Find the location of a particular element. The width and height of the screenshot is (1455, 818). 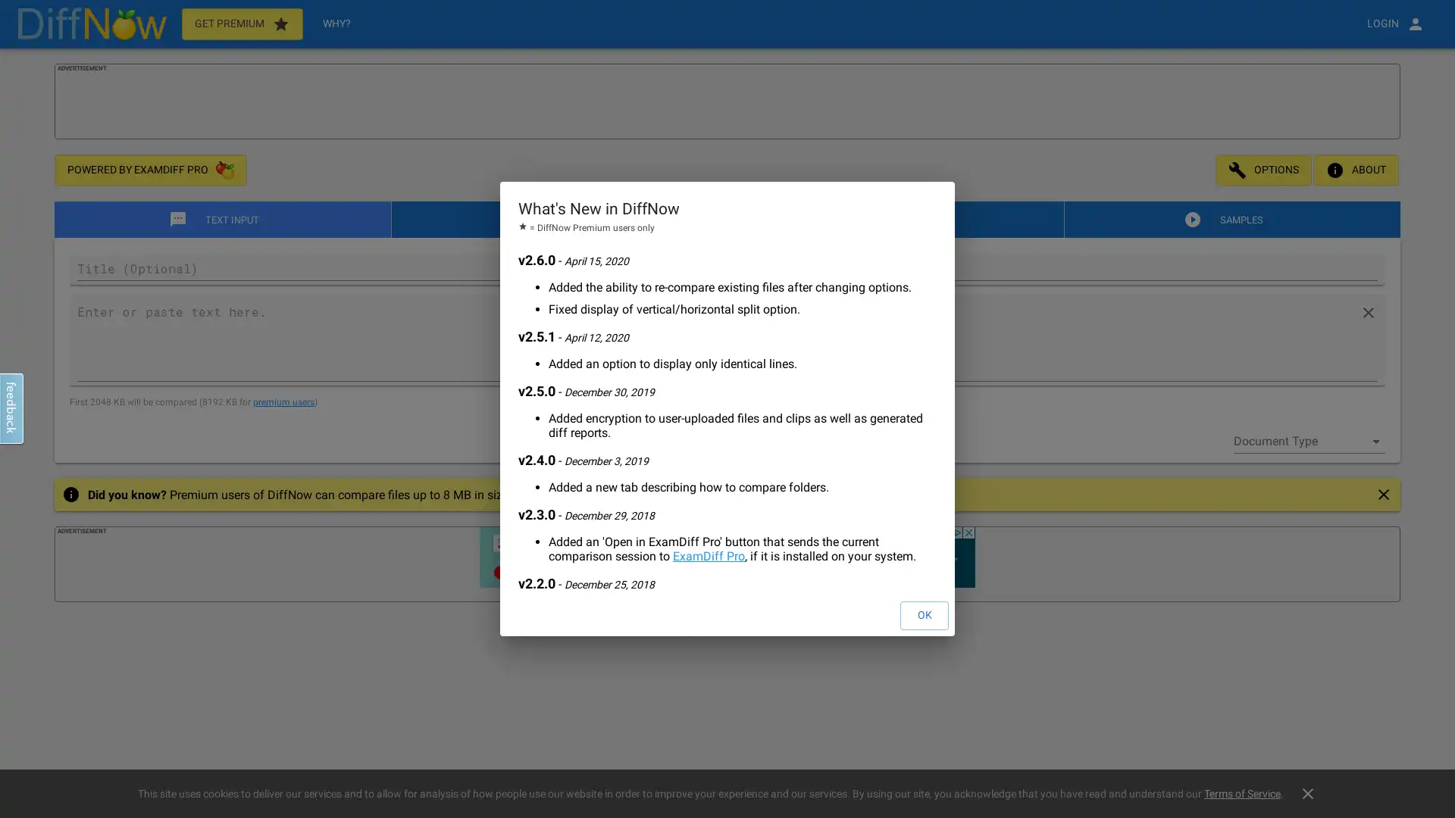

LOGIN is located at coordinates (1395, 23).